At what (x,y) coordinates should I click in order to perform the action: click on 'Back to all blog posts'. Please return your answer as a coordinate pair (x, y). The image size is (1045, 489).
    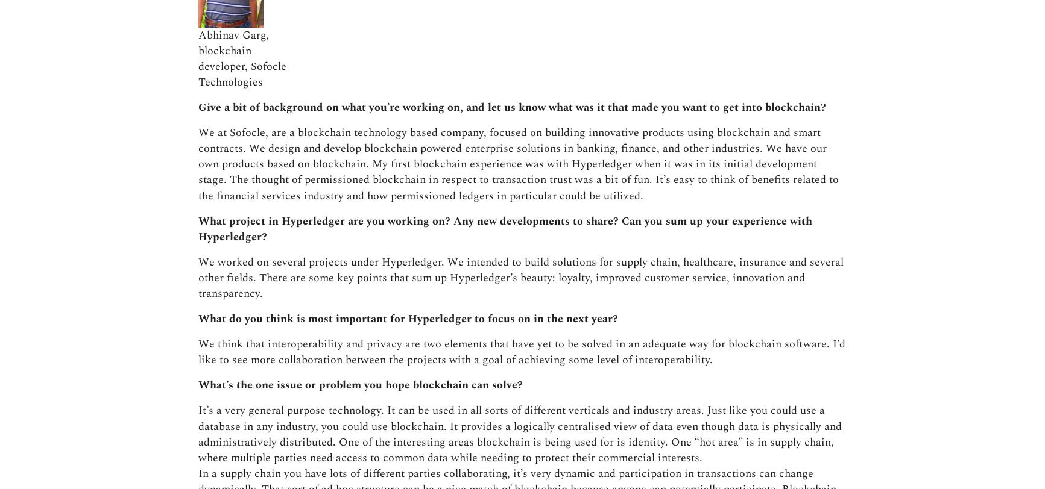
    Looking at the image, I should click on (535, 328).